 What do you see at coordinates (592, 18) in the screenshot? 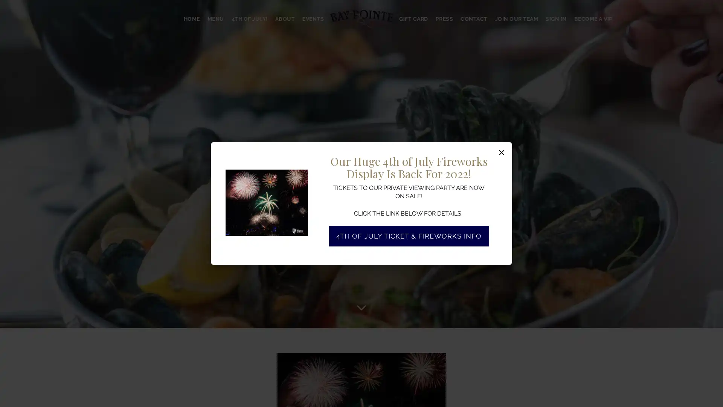
I see `BECOME A VIP` at bounding box center [592, 18].